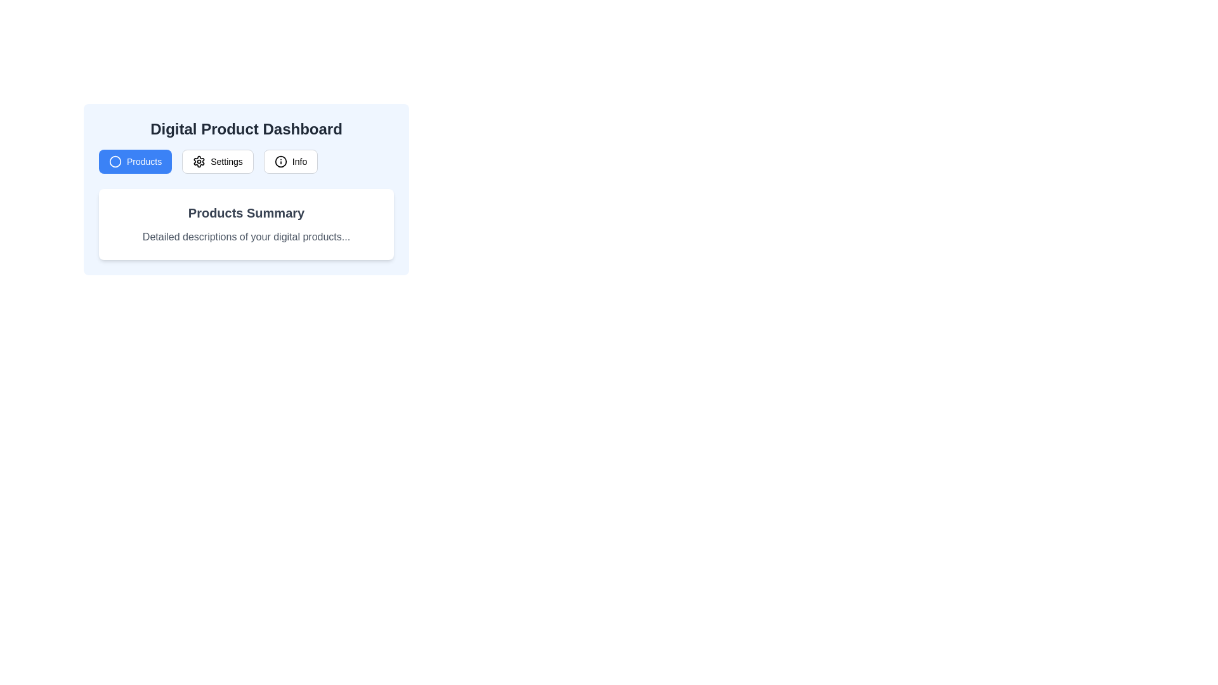  Describe the element at coordinates (290, 160) in the screenshot. I see `the third button in a row of three buttons, located to the right of the 'Products' and 'Settings' buttons` at that location.